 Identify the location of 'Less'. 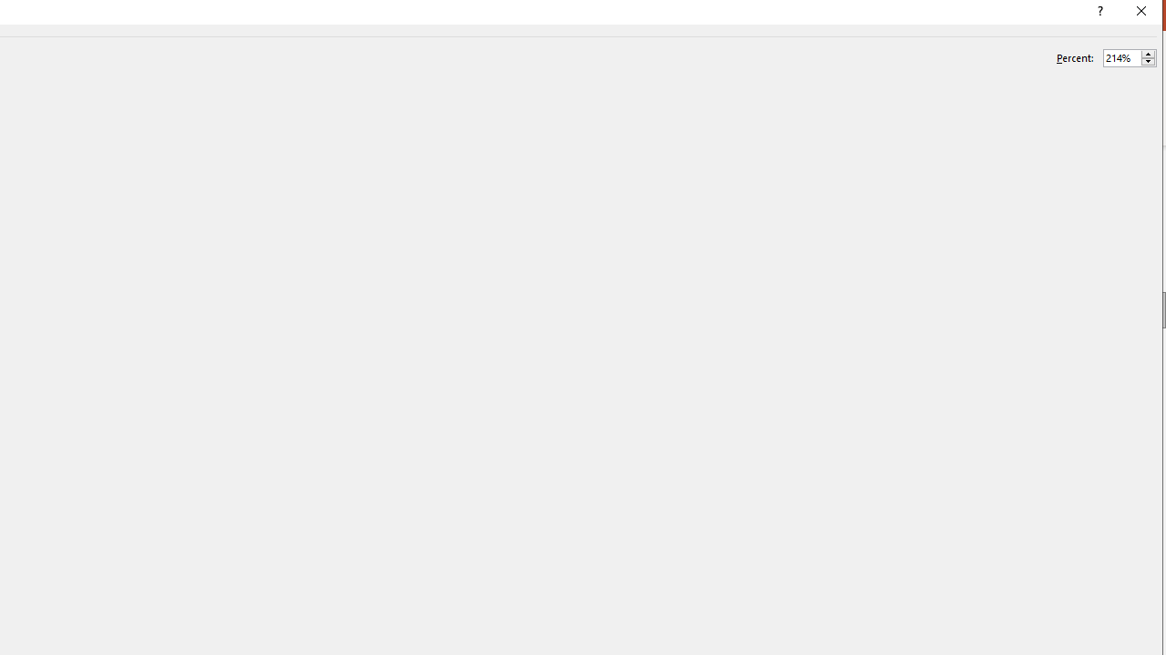
(1147, 61).